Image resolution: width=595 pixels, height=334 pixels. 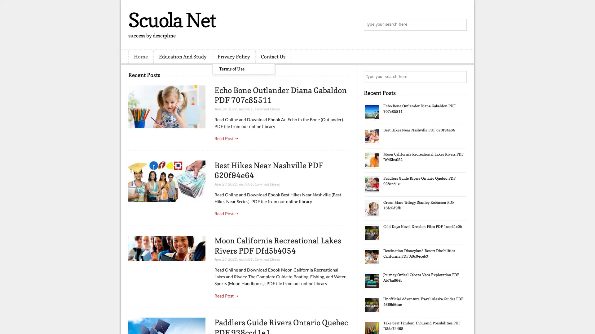 I want to click on Search, so click(x=460, y=77).